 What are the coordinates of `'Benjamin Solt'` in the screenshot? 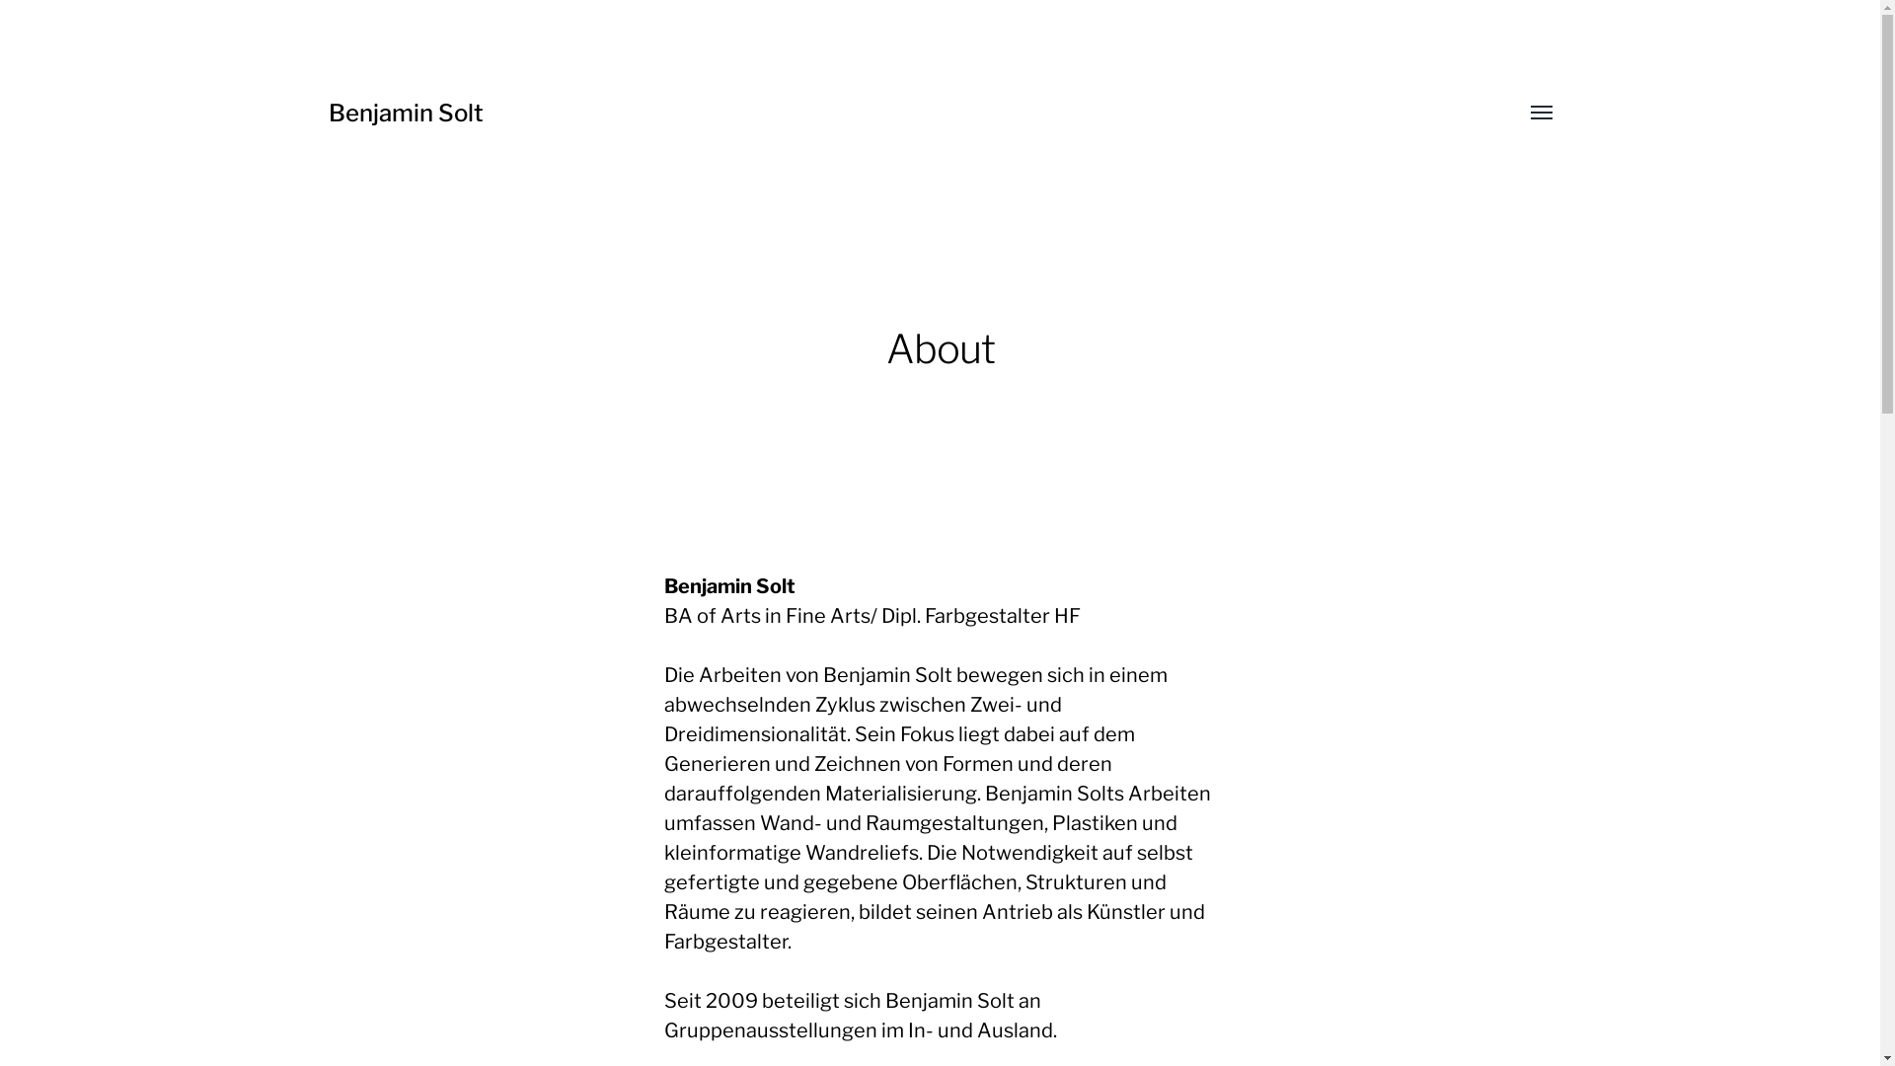 It's located at (404, 113).